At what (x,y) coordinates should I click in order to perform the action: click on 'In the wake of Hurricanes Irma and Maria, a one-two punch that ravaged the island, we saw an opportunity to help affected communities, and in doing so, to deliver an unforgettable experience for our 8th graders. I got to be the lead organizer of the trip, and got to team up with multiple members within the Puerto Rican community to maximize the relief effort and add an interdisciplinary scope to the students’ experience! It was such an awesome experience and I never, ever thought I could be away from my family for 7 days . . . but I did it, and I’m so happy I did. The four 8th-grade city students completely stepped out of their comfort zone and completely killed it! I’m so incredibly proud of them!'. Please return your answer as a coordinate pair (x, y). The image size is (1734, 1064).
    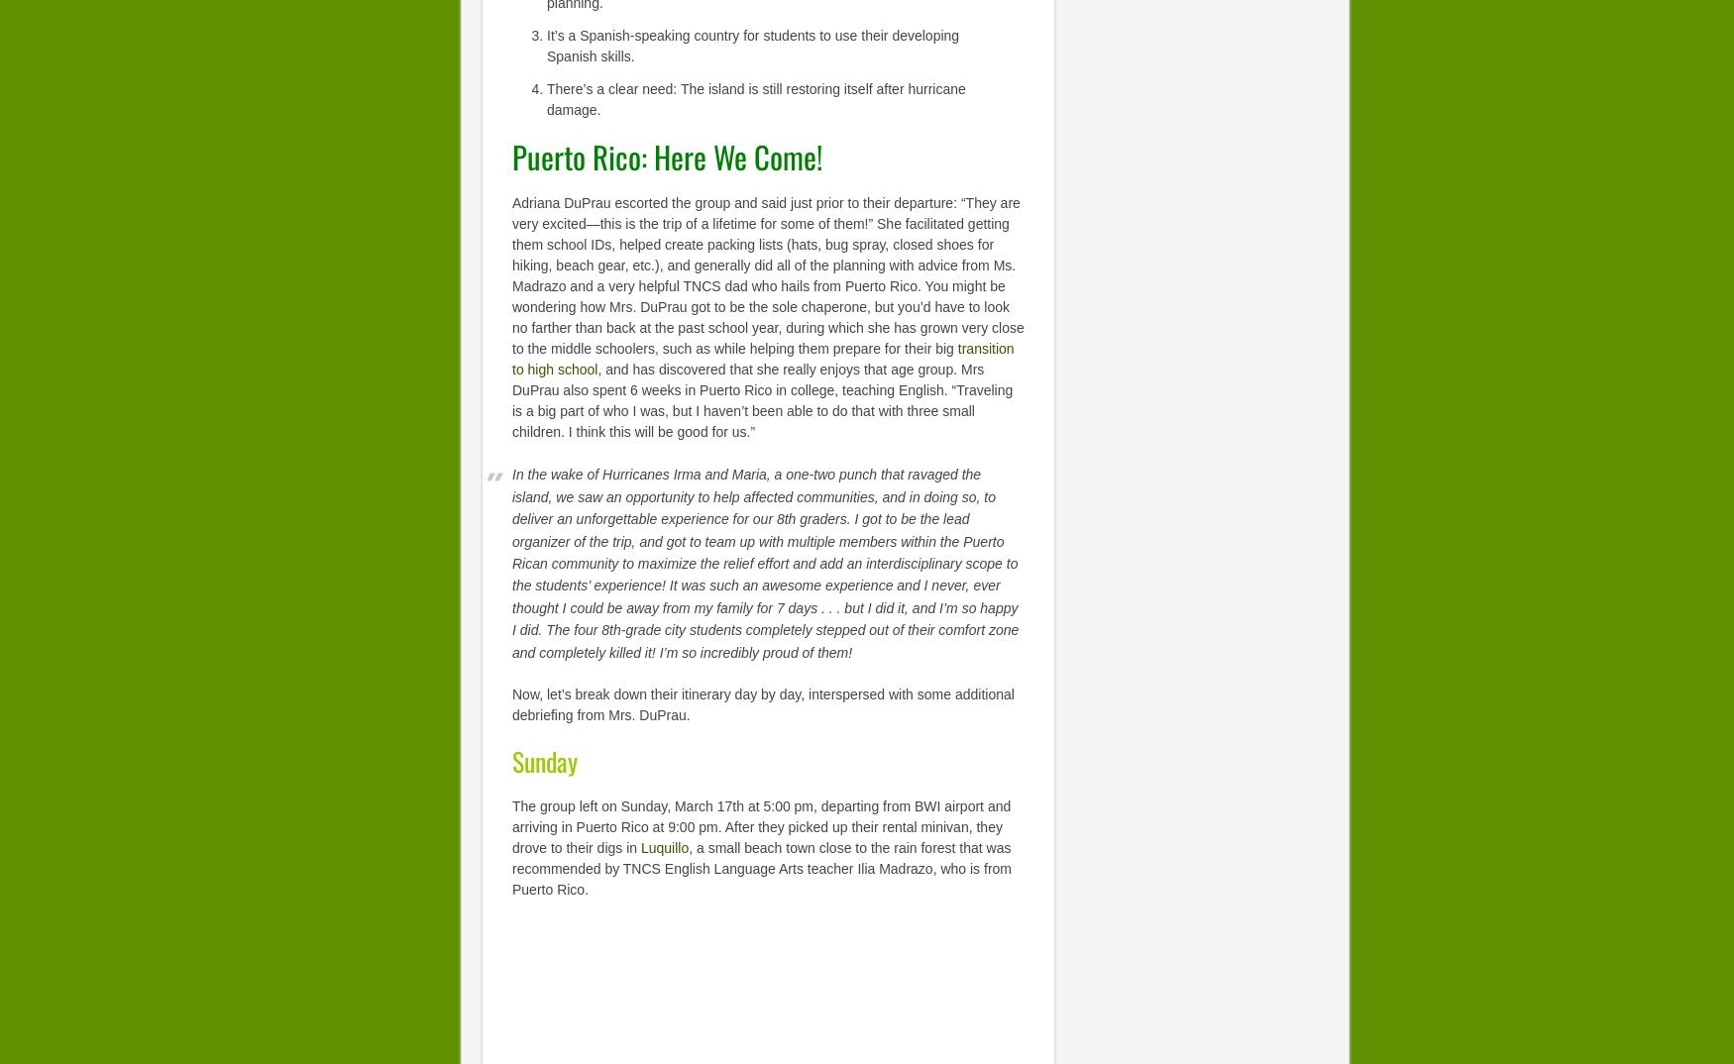
    Looking at the image, I should click on (764, 562).